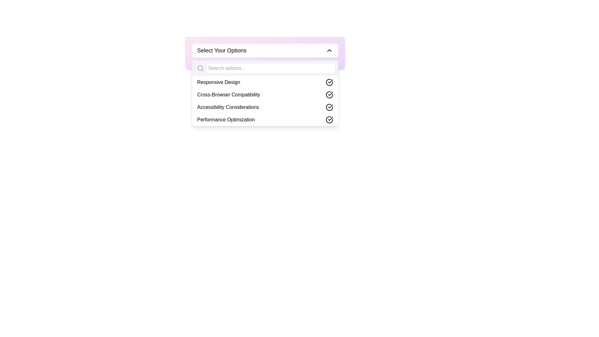 Image resolution: width=599 pixels, height=337 pixels. I want to click on an option from the drop-down menu located underneath the 'Select Your Options' button, which allows users to search and select different options from a list, so click(265, 93).